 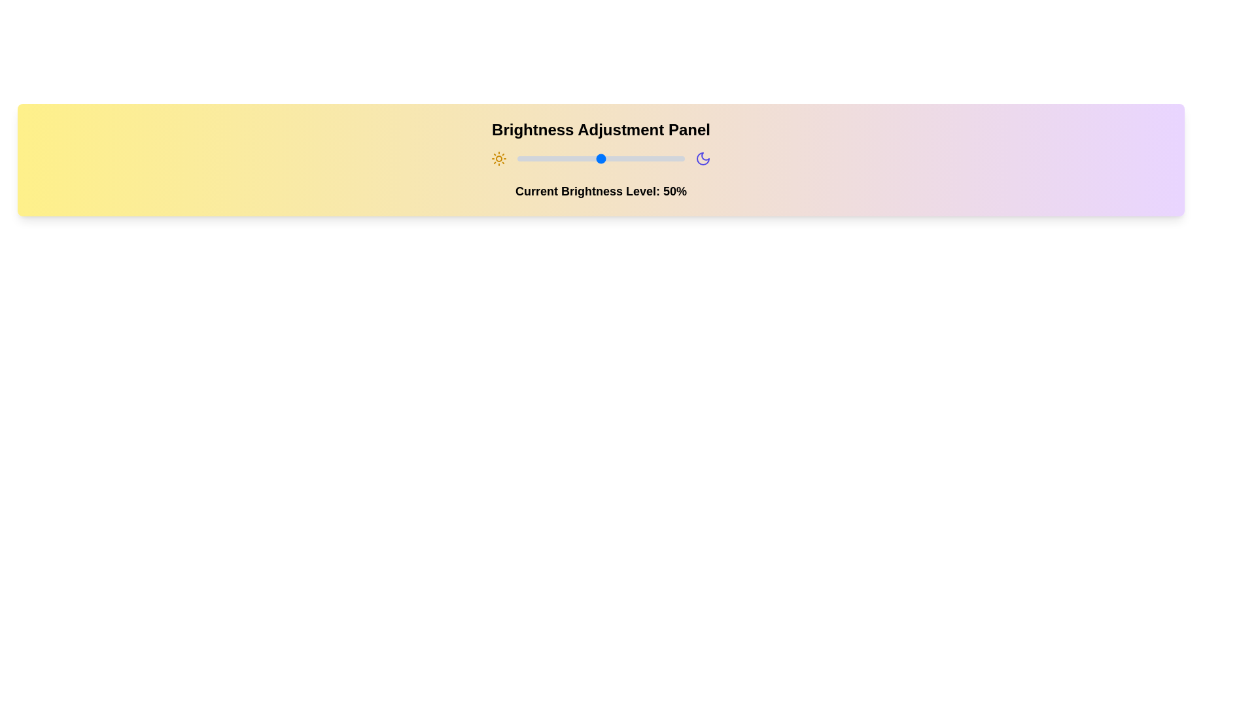 I want to click on the brightness slider to 49% to observe changes in the visual feedback of the sun and moon icons, so click(x=599, y=158).